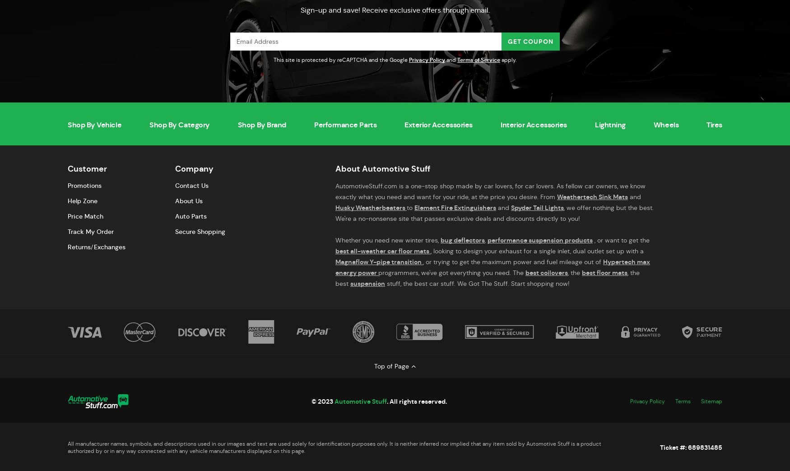 The width and height of the screenshot is (790, 471). What do you see at coordinates (174, 216) in the screenshot?
I see `'Auto Parts'` at bounding box center [174, 216].